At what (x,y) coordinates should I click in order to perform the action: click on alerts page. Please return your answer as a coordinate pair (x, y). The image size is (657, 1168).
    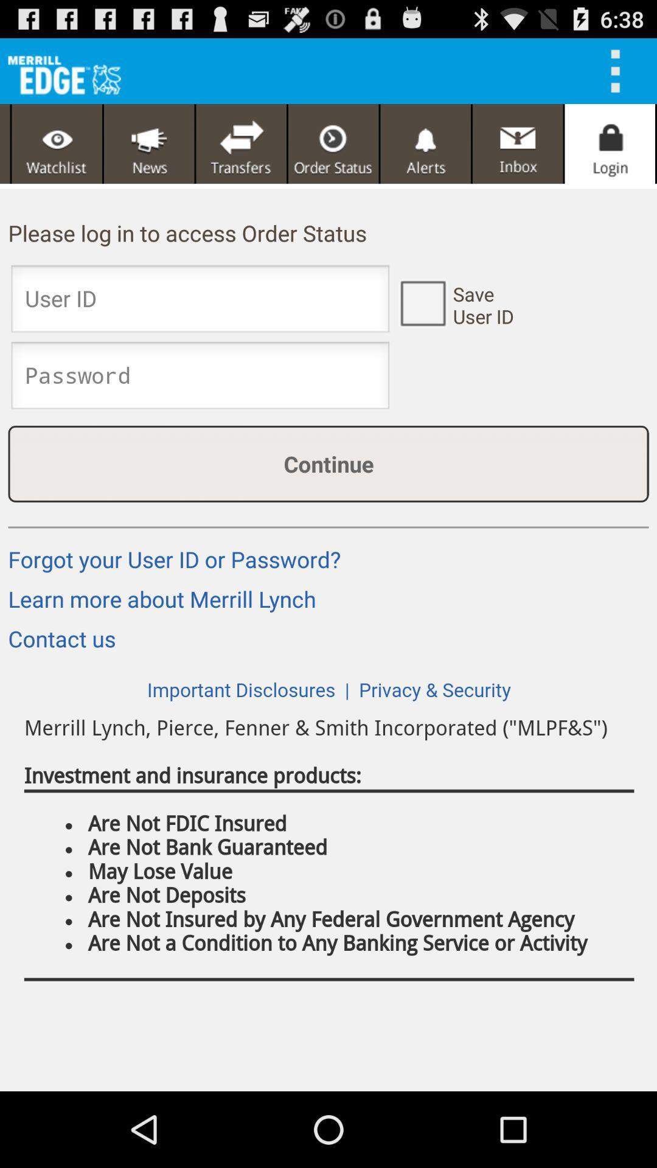
    Looking at the image, I should click on (425, 144).